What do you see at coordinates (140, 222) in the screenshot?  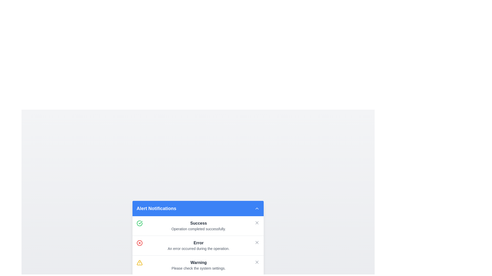 I see `the success icon located in the Alert Notifications panel, which indicates a successful state or action, positioned to the left of the text description` at bounding box center [140, 222].